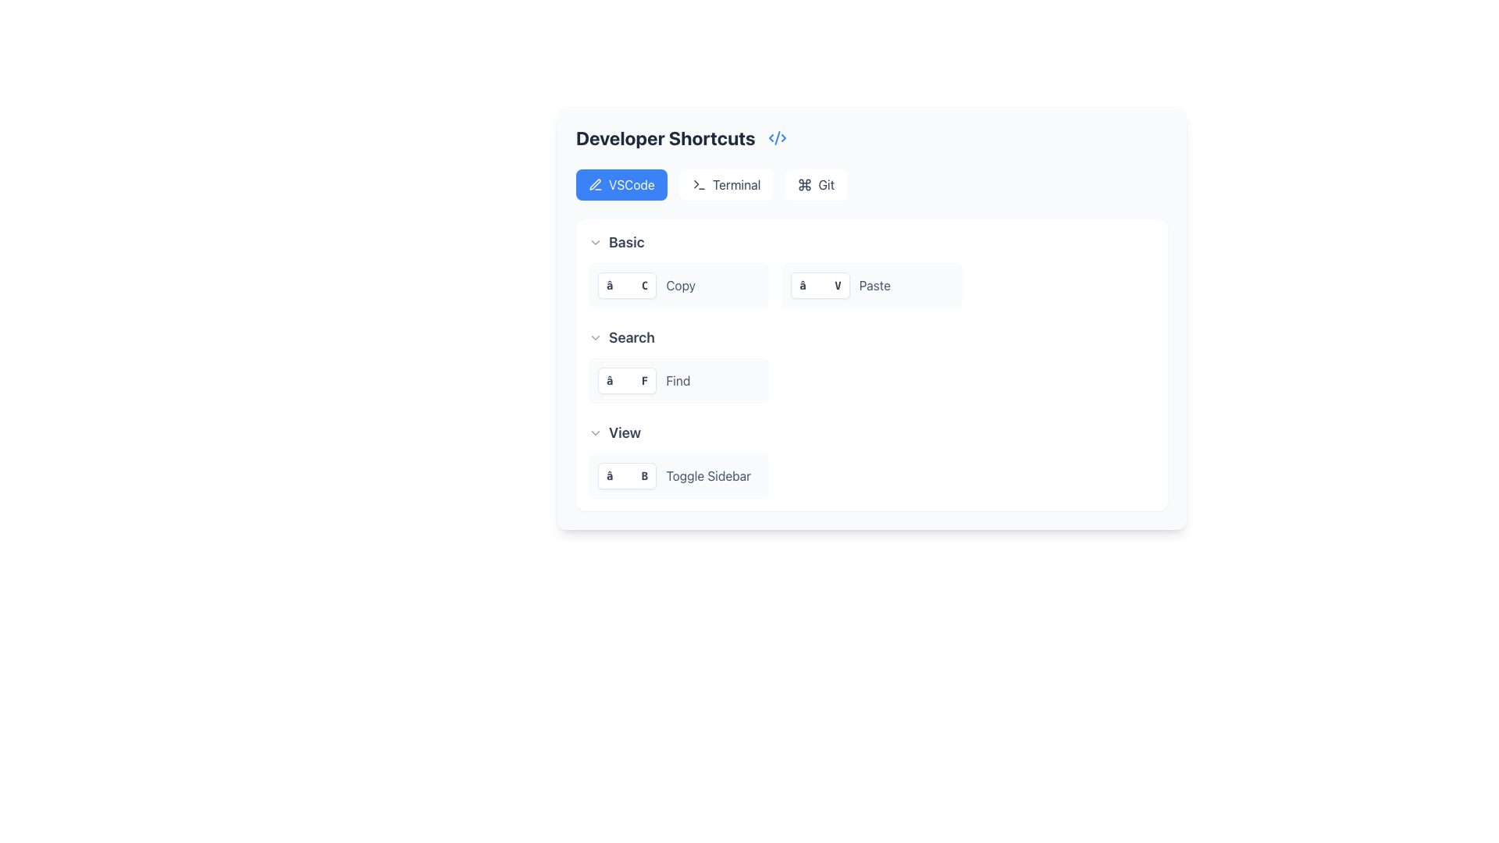  Describe the element at coordinates (678, 381) in the screenshot. I see `the Static Text Label indicating the 'Find' keyboard shortcut (⌘ F) located in the 'Search' section, positioned horizontally beside the keyboard shortcut label` at that location.